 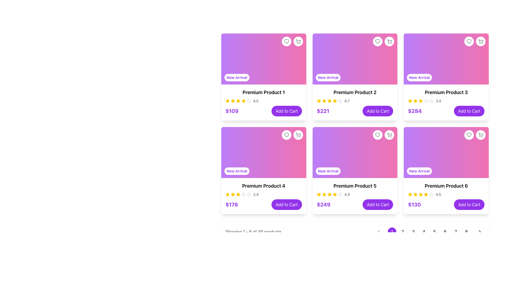 I want to click on the fifth star icon representing the rating value in the 'Premium Product 6' card, located at the bottom-right corner of the grid, so click(x=410, y=194).